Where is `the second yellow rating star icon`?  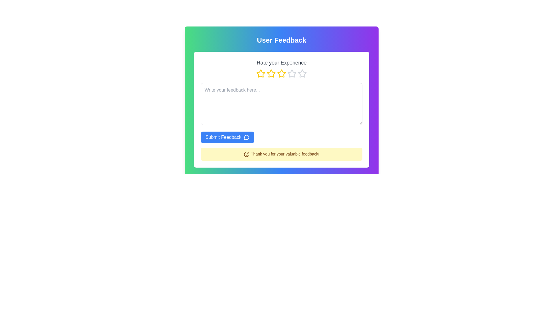
the second yellow rating star icon is located at coordinates (260, 73).